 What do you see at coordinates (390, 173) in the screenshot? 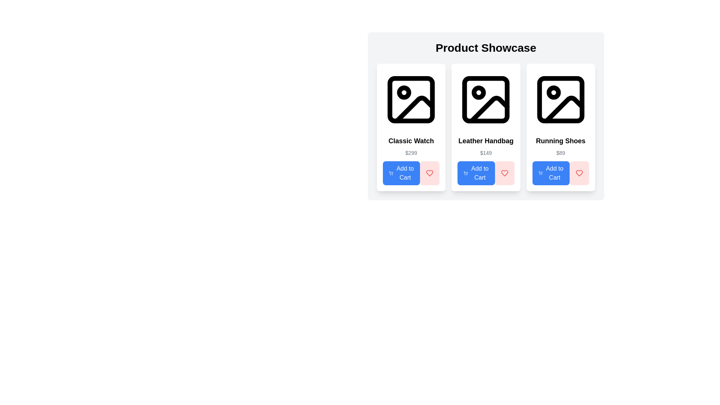
I see `the shopping cart icon associated with the 'Add to Cart' button located below the 'Classic Watch' product entry` at bounding box center [390, 173].